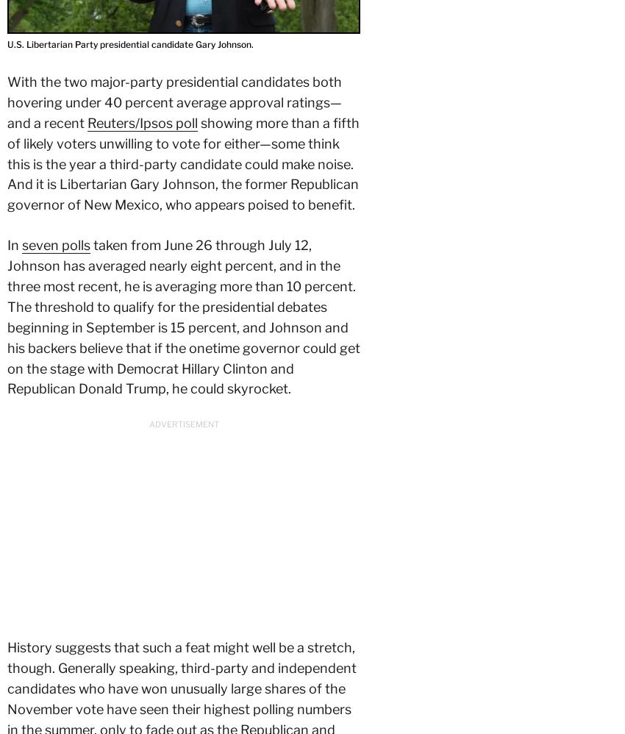 The height and width of the screenshot is (734, 625). What do you see at coordinates (245, 510) in the screenshot?
I see `'Libertarian Party'` at bounding box center [245, 510].